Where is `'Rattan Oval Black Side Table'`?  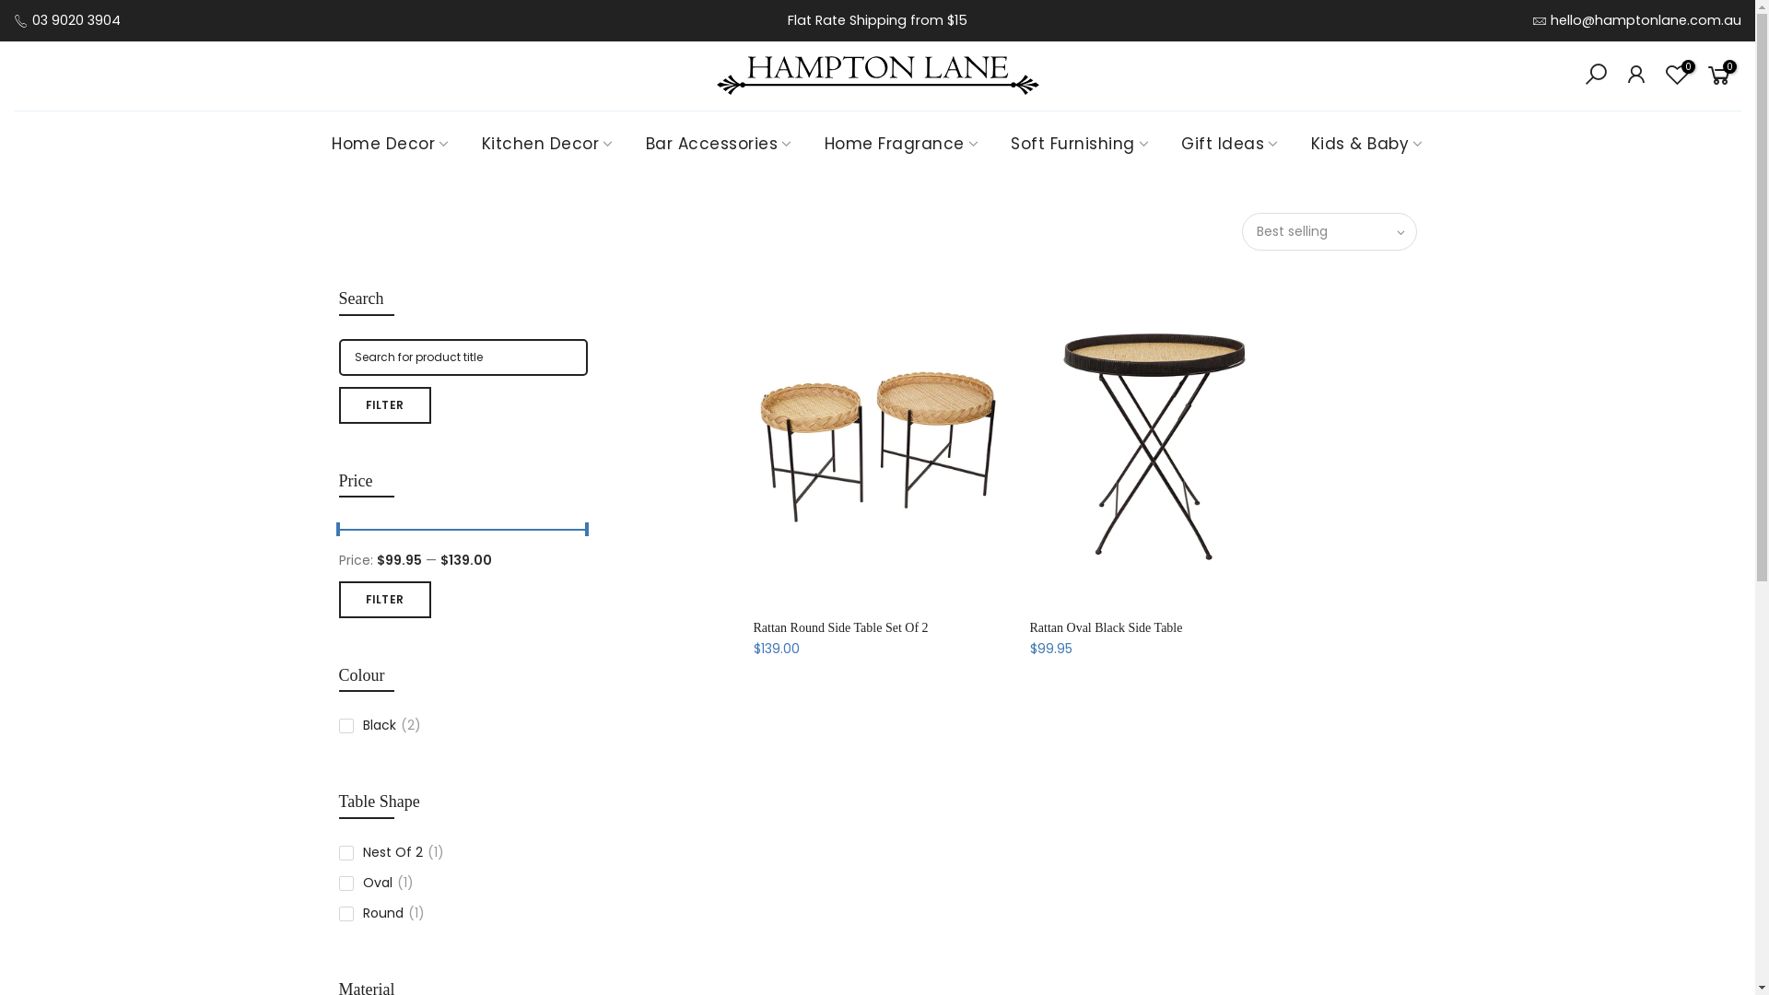 'Rattan Oval Black Side Table' is located at coordinates (1106, 626).